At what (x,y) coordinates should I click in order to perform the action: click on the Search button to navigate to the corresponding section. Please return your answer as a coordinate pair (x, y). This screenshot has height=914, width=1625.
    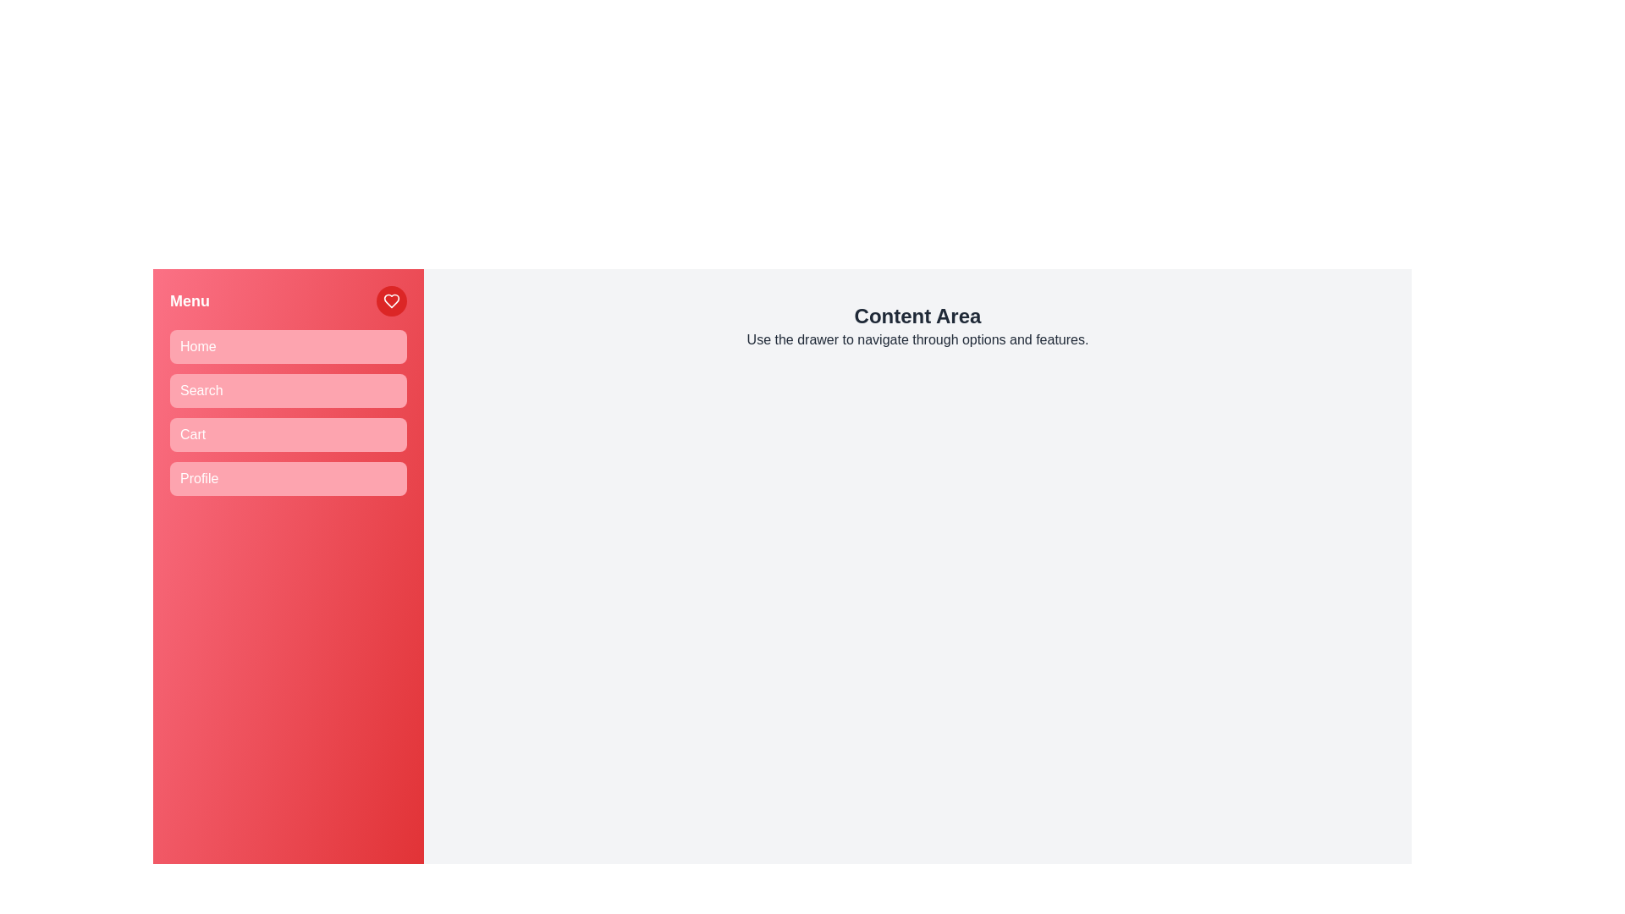
    Looking at the image, I should click on (288, 391).